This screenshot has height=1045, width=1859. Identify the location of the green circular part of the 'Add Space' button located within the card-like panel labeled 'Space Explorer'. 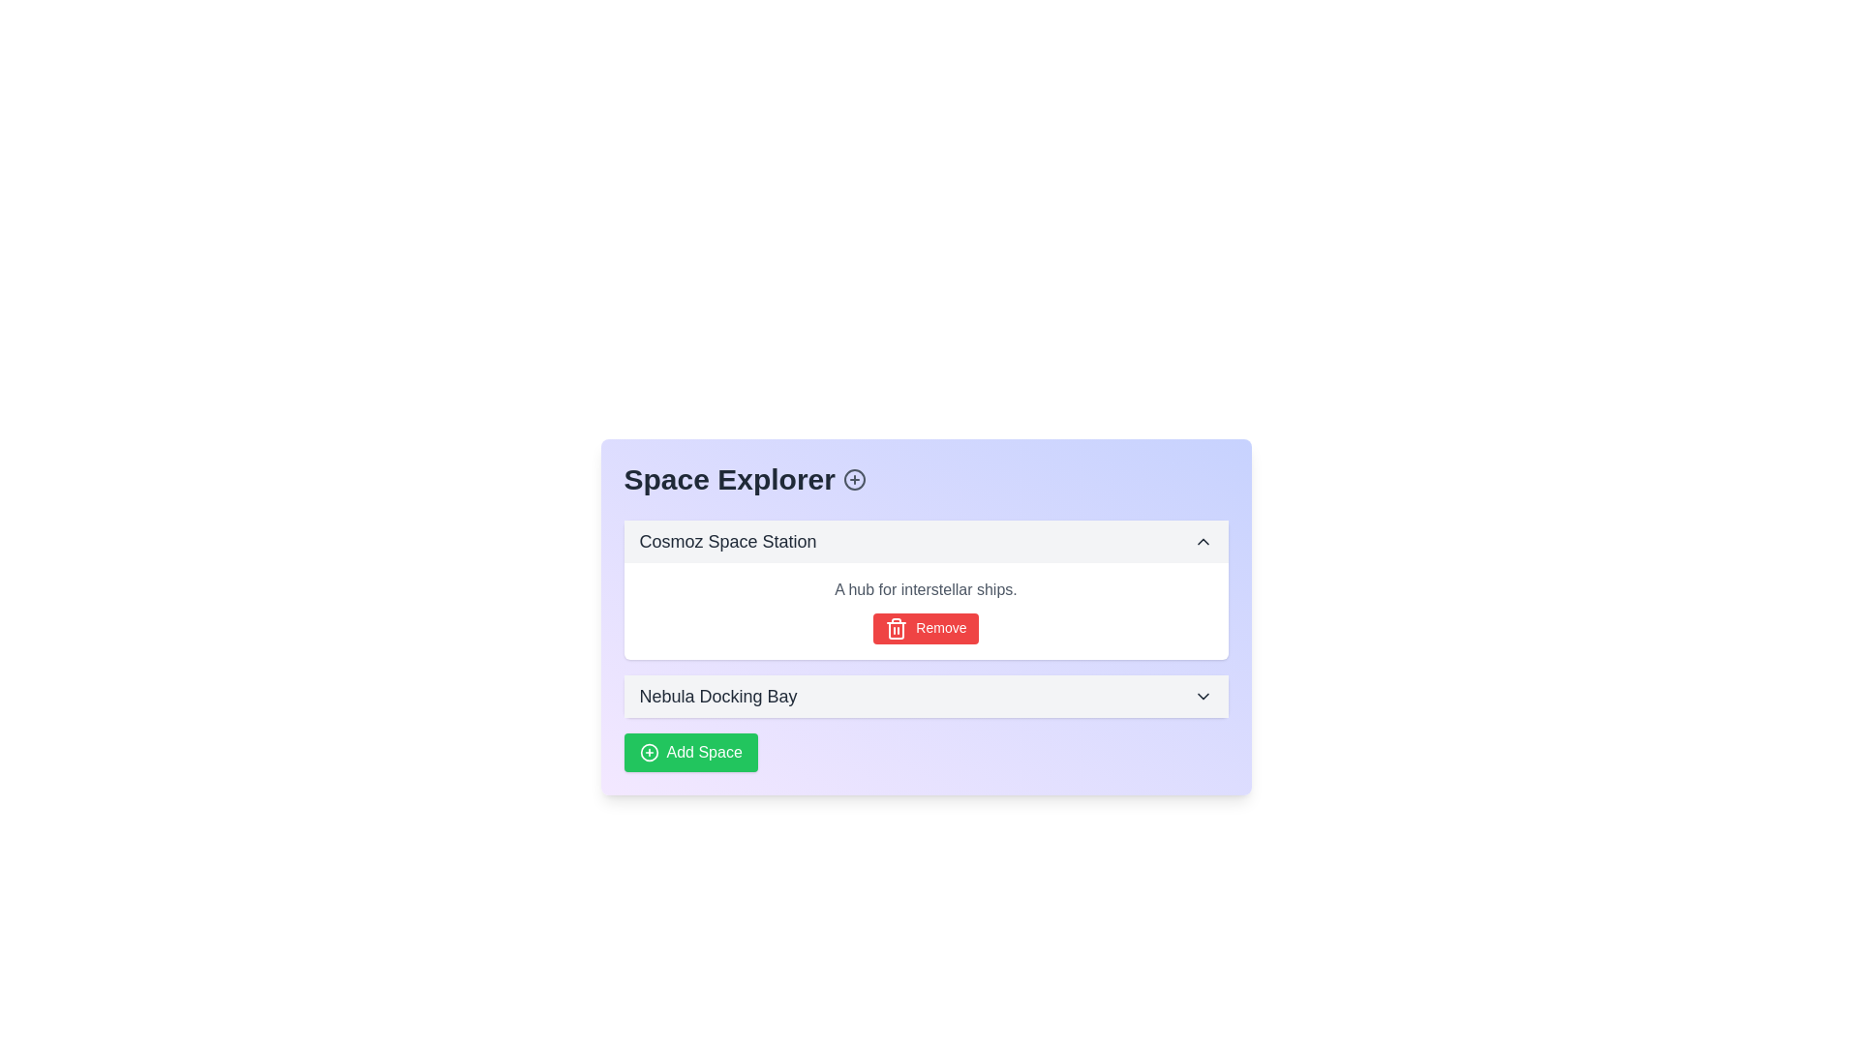
(649, 752).